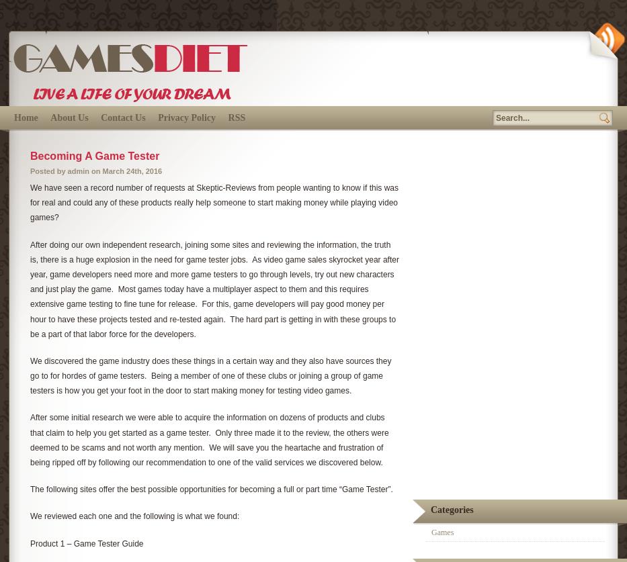 The image size is (627, 562). I want to click on 'Games', so click(442, 531).